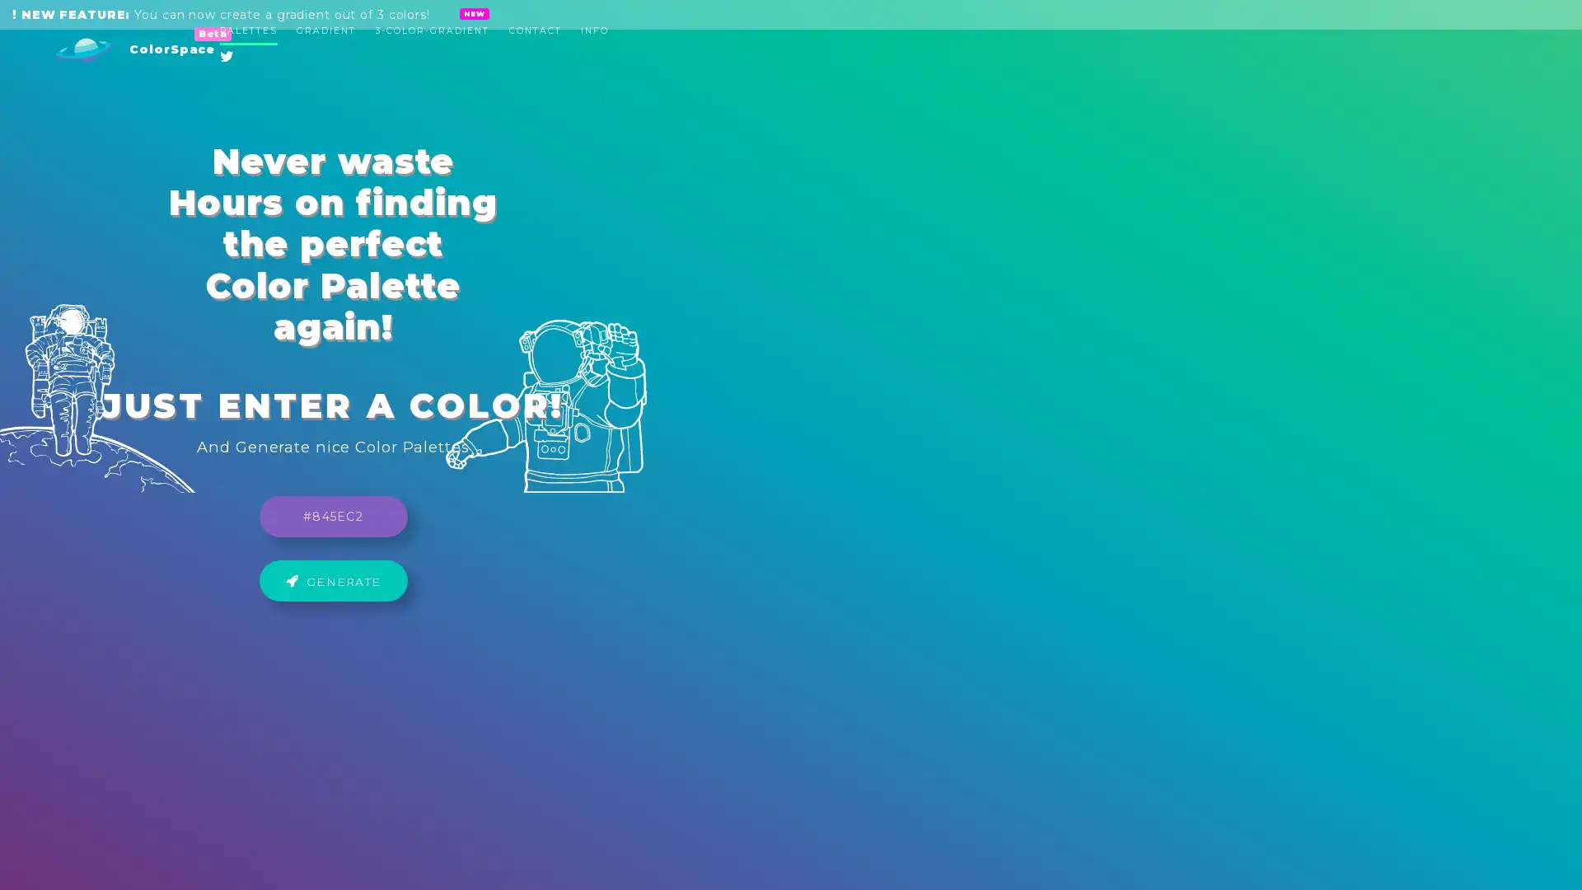 This screenshot has width=1582, height=890. Describe the element at coordinates (791, 463) in the screenshot. I see `GENERATE` at that location.